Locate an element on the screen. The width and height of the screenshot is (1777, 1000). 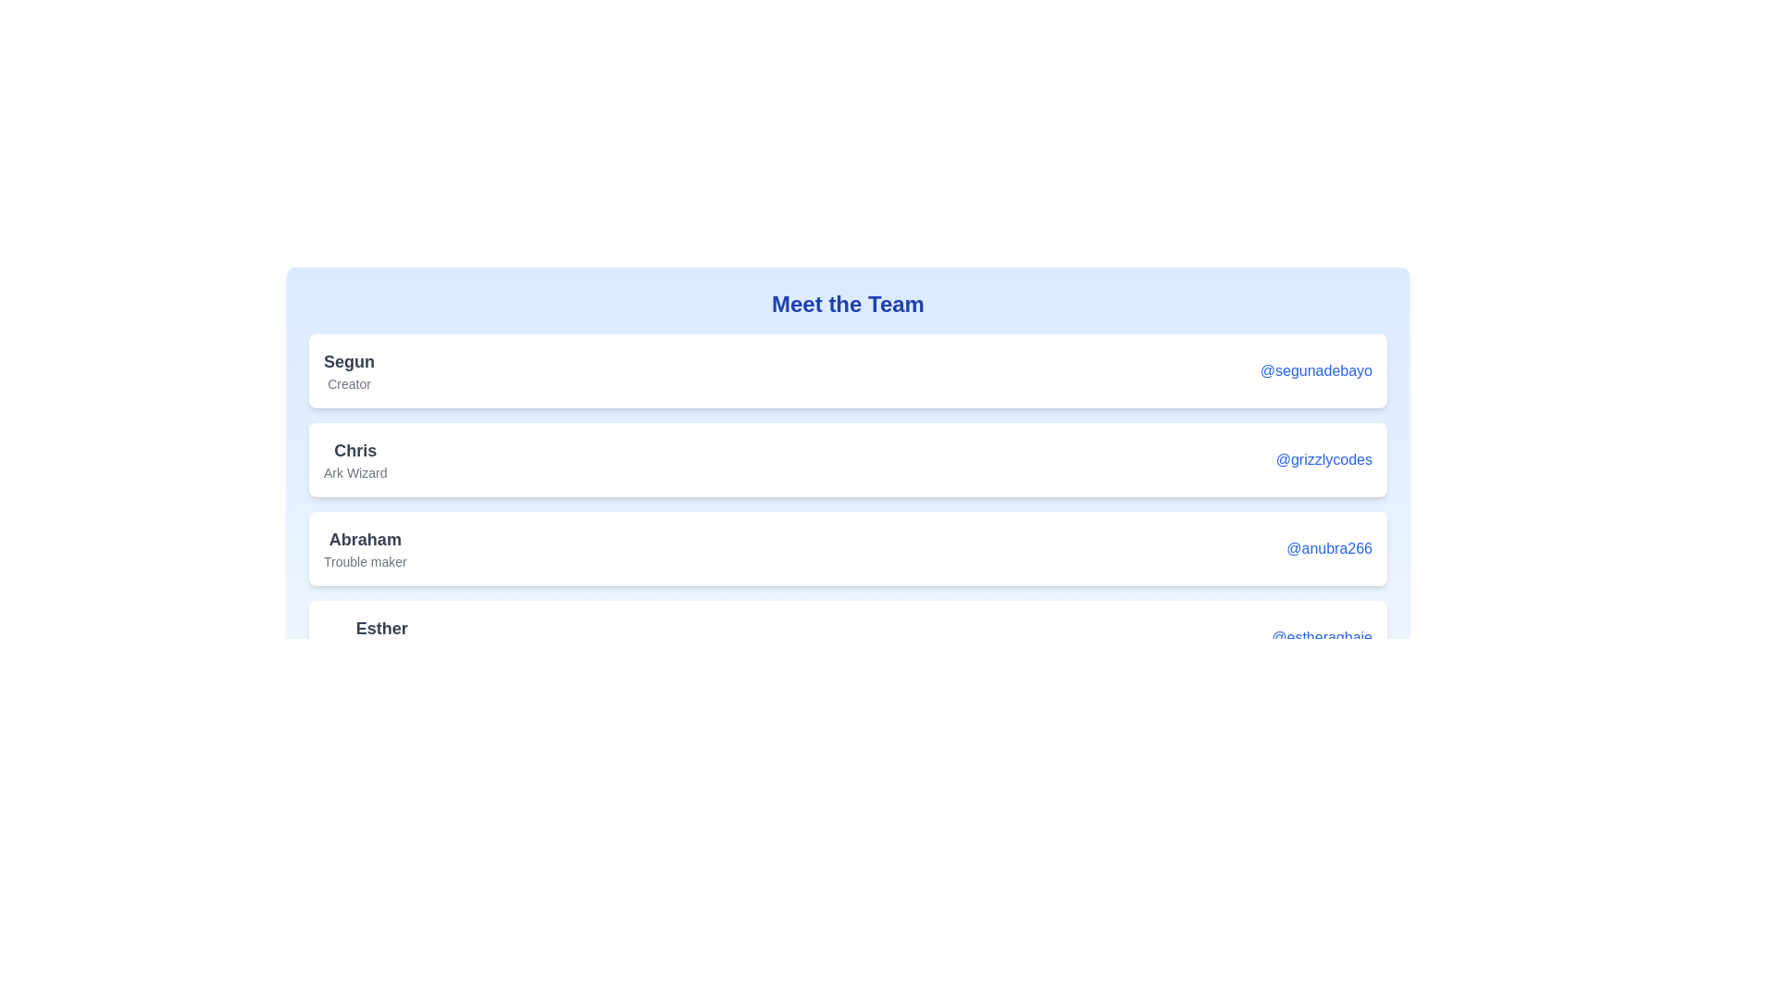
the hyperlink associated with the user '@segunadebayo' is located at coordinates (1315, 371).